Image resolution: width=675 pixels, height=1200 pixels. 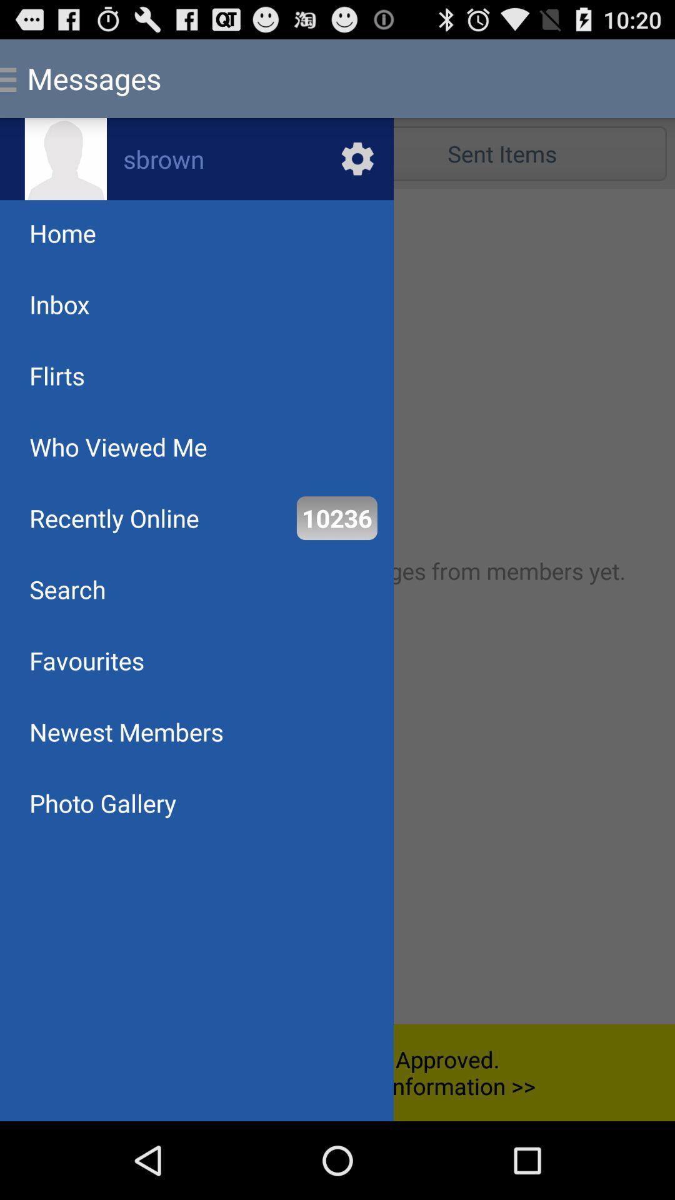 What do you see at coordinates (501, 152) in the screenshot?
I see `the icon next to the inbox radio button` at bounding box center [501, 152].